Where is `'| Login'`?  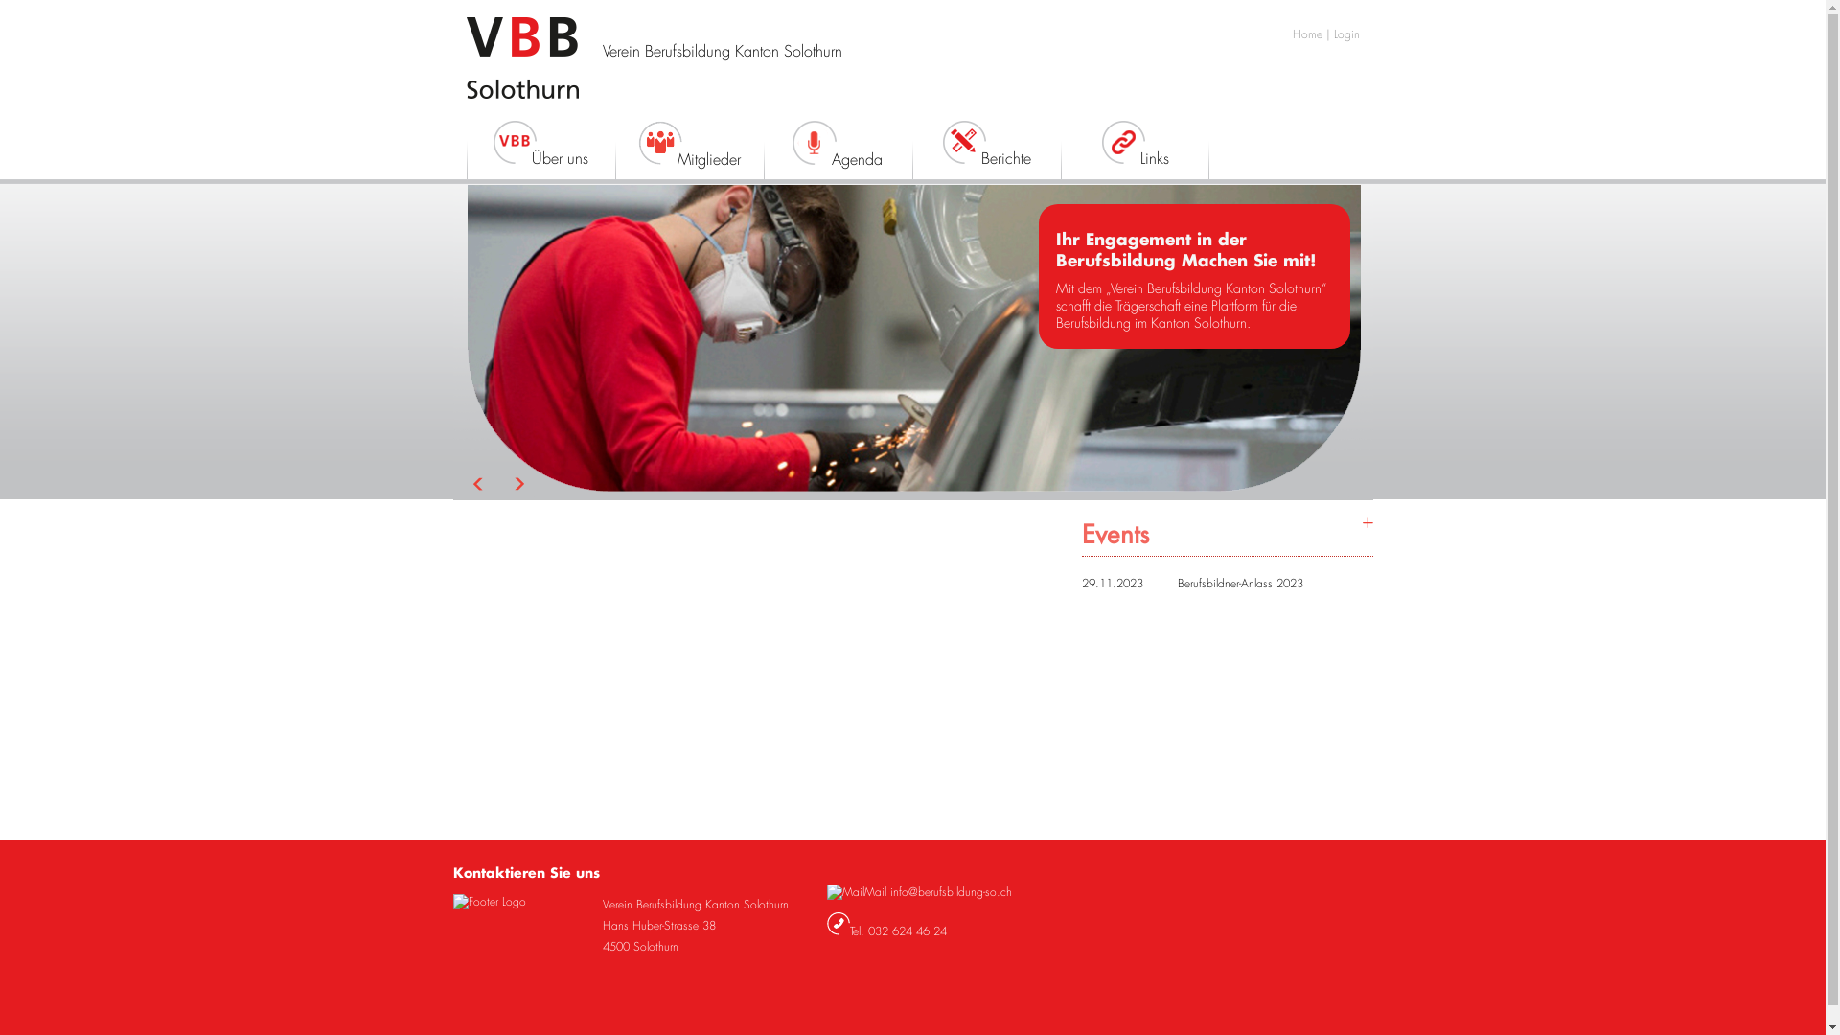 '| Login' is located at coordinates (1342, 34).